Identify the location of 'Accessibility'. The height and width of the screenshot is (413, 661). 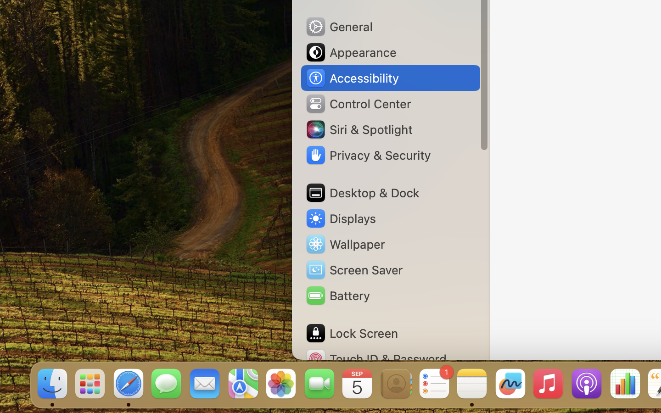
(351, 78).